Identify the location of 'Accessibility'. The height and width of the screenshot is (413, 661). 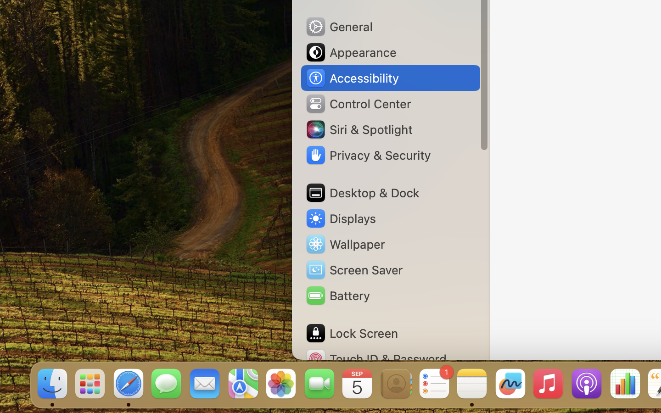
(351, 78).